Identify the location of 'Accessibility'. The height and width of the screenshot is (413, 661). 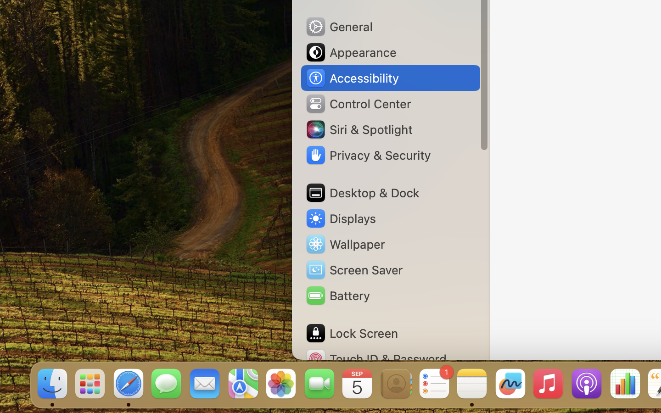
(351, 78).